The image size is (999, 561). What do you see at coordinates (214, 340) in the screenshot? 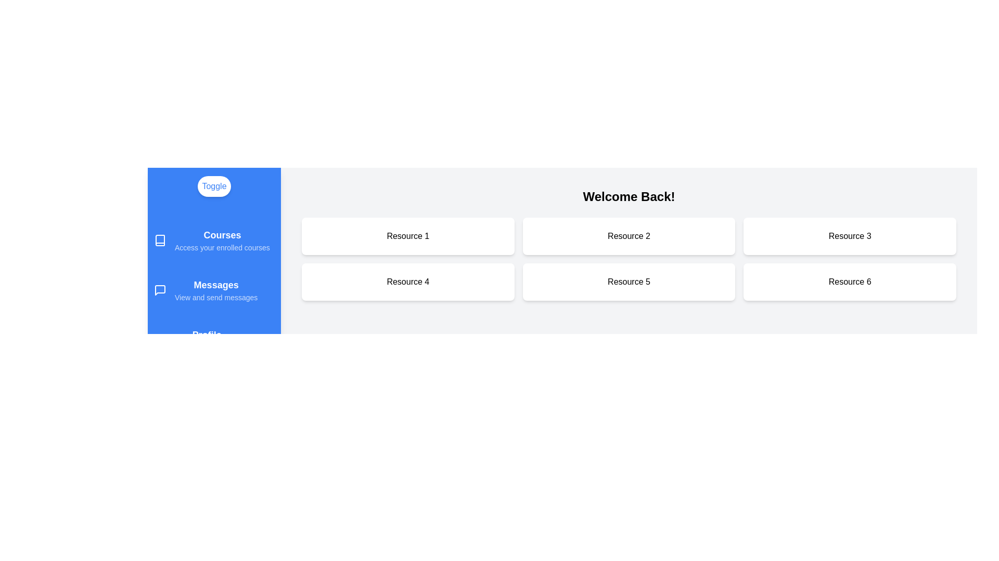
I see `the drawer section corresponding to Profile` at bounding box center [214, 340].